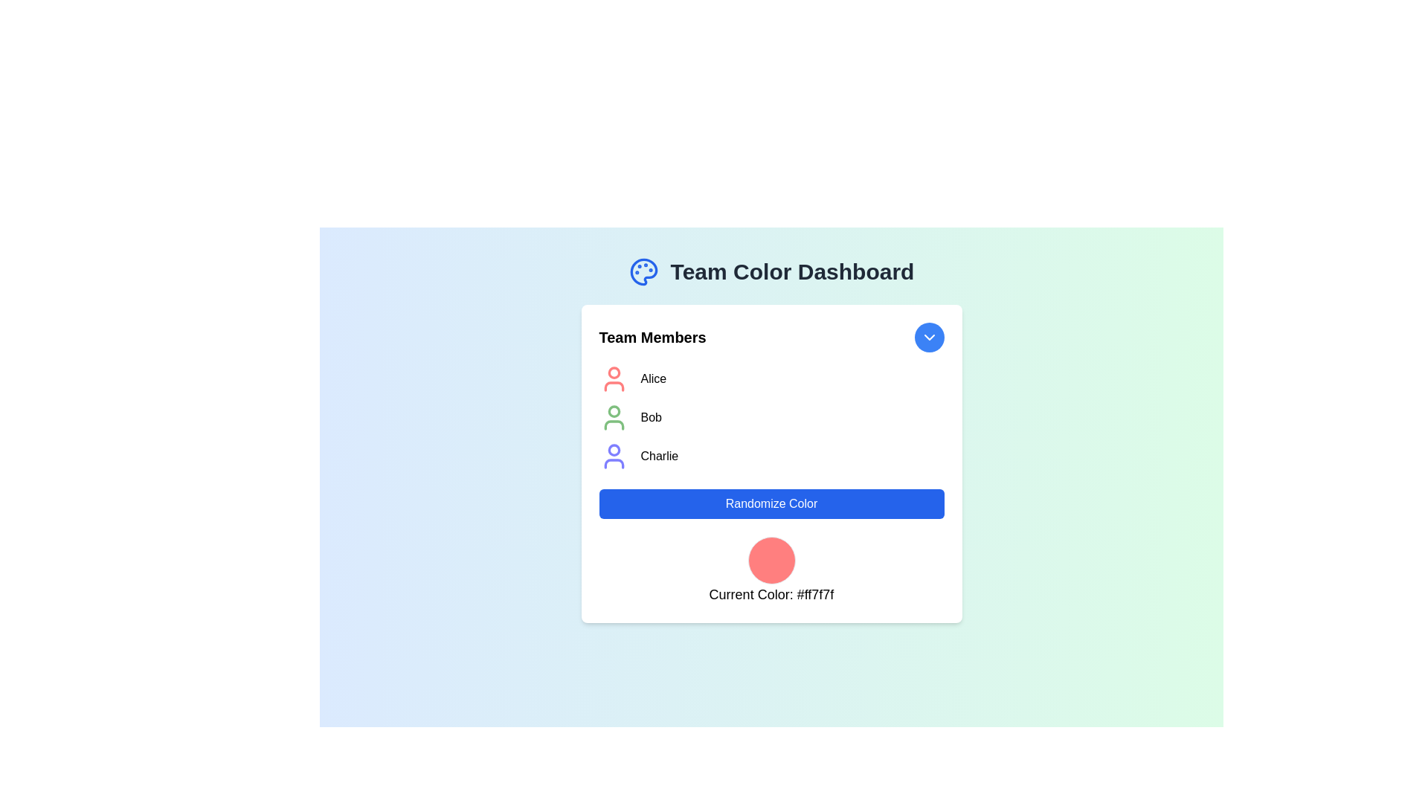 The height and width of the screenshot is (803, 1428). I want to click on the user icon representing 'Charlie', so click(614, 455).